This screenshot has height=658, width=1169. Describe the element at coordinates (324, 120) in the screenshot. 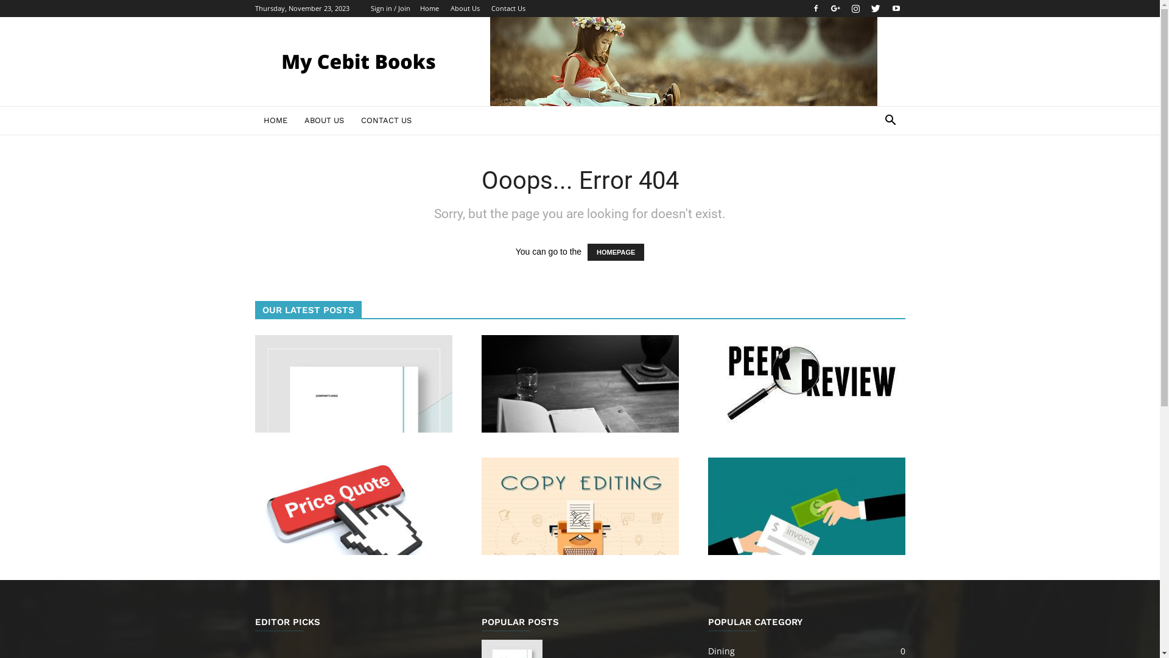

I see `'ABOUT US'` at that location.